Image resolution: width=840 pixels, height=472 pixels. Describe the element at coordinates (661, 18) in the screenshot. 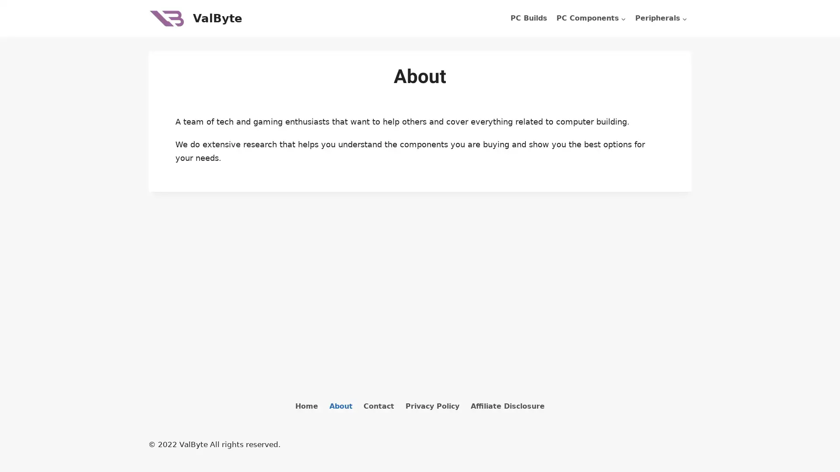

I see `Expand child menu` at that location.